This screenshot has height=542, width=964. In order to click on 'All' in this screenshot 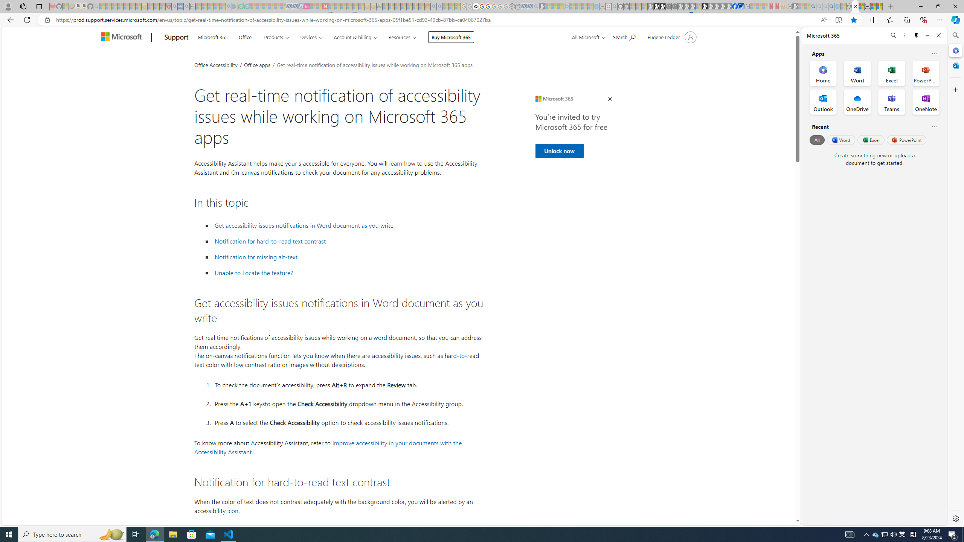, I will do `click(816, 140)`.